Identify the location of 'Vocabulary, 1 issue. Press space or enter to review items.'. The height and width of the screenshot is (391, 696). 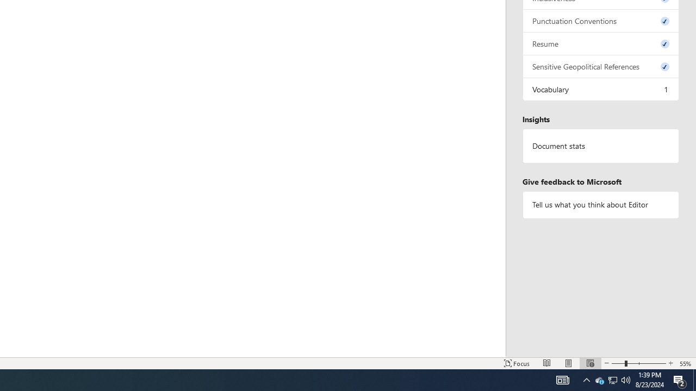
(600, 89).